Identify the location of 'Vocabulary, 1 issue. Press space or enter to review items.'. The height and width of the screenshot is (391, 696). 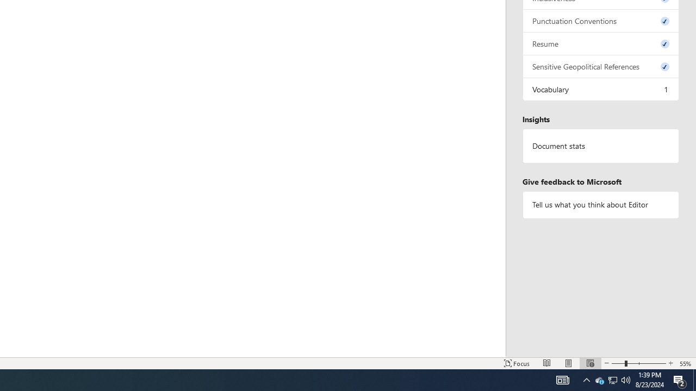
(600, 89).